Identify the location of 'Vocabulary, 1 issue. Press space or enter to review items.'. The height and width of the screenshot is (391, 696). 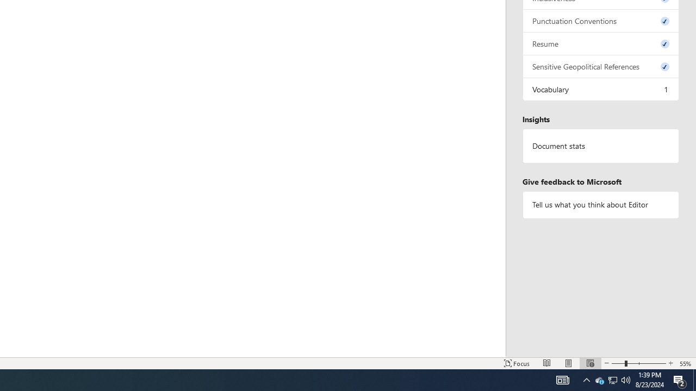
(600, 89).